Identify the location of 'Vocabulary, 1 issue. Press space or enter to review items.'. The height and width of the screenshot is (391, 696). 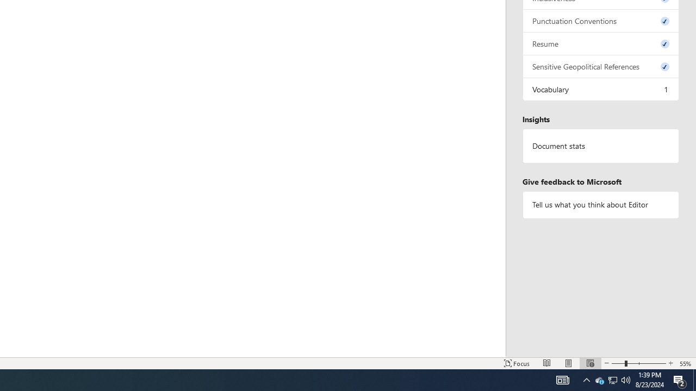
(600, 89).